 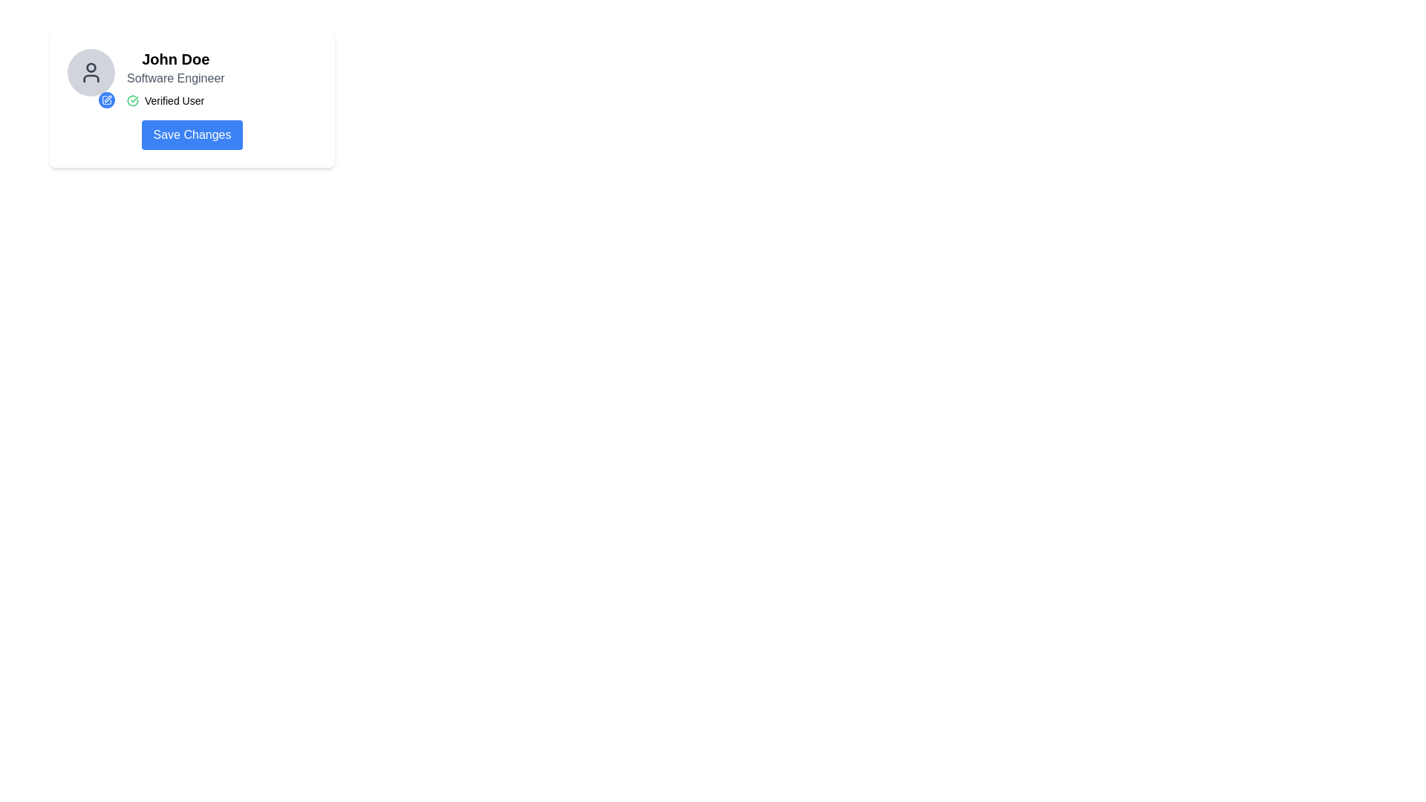 What do you see at coordinates (91, 78) in the screenshot?
I see `the circular user profile avatar placeholder with a gray background and a dark gray user icon` at bounding box center [91, 78].